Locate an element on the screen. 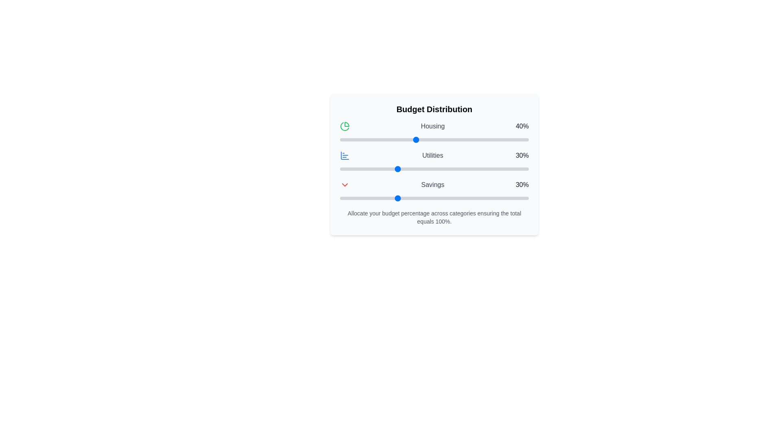 The height and width of the screenshot is (439, 781). the static text label describing the budget category 'Housing', which is centrally located in the top row of the 'Budget Distribution' card, positioned between a green pie chart icon and the percentage text '40%.' is located at coordinates (432, 126).